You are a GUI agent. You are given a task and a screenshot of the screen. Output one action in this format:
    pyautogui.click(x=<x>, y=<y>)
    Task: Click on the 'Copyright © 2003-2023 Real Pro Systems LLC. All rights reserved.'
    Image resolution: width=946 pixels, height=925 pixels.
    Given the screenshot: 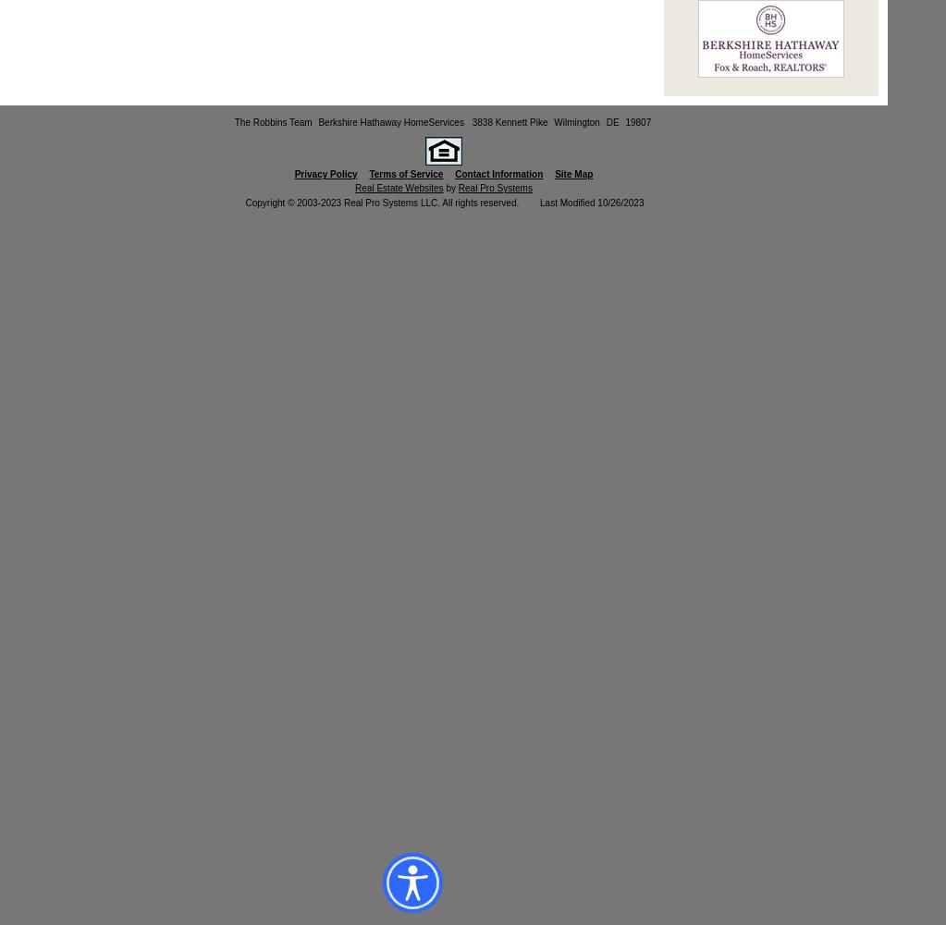 What is the action you would take?
    pyautogui.click(x=383, y=202)
    